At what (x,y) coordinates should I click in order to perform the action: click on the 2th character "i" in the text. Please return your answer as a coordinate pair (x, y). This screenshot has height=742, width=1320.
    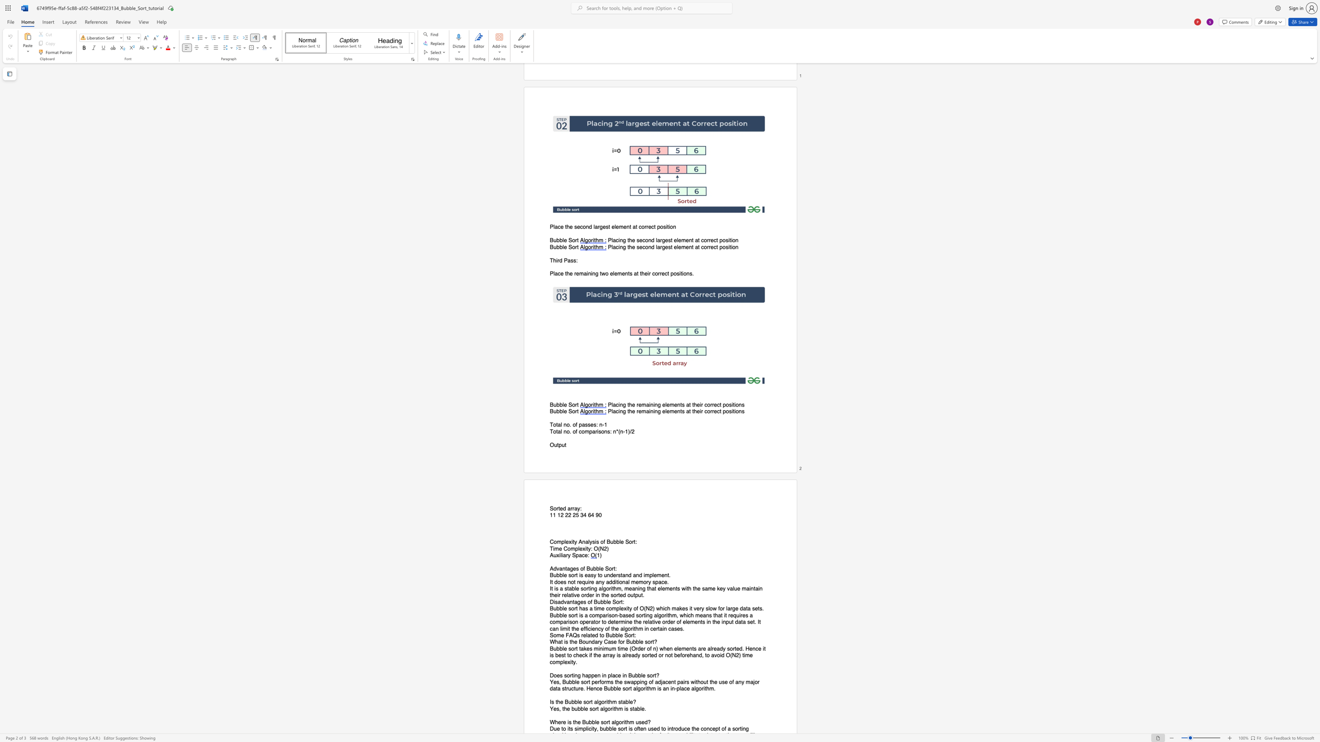
    Looking at the image, I should click on (625, 709).